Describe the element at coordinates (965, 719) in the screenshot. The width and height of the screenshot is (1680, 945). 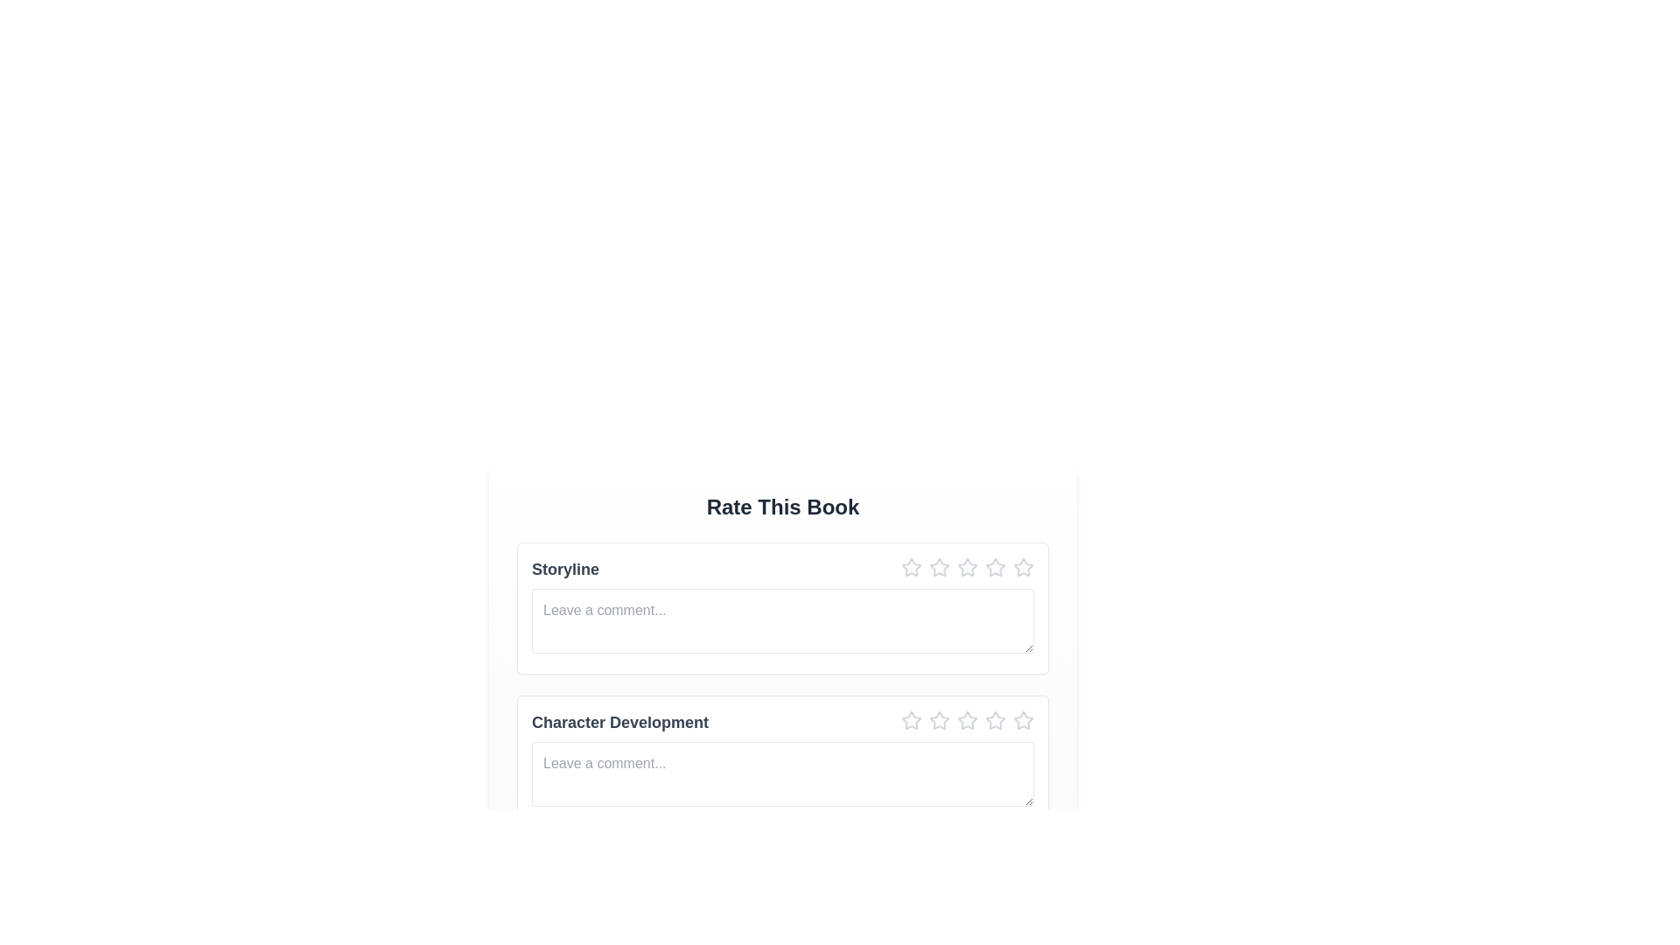
I see `the fifth star icon in the rating system to assign a 5-star rating to the 'Character Development' criterion` at that location.